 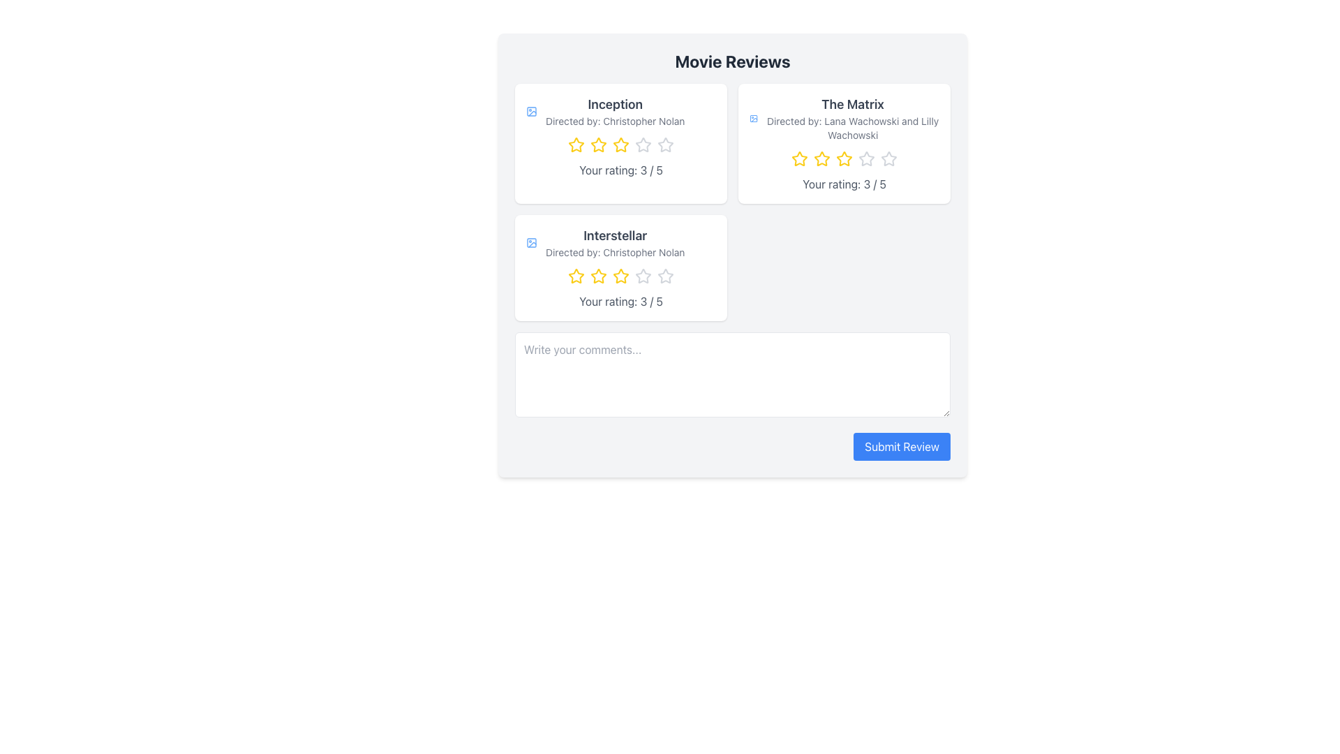 I want to click on the third star icon in the 'Interstellar' card under the 'Movie Reviews' section, so click(x=620, y=276).